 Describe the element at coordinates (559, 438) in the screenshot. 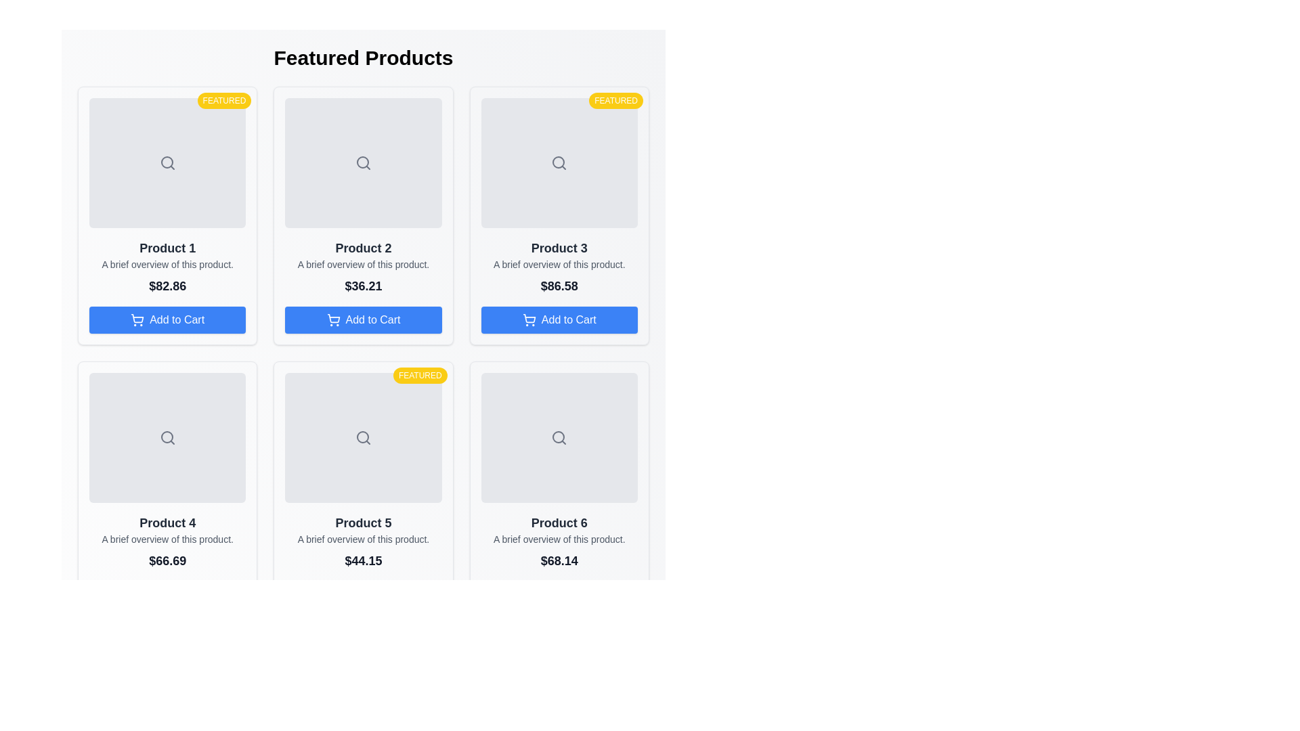

I see `the search or zoom icon located in the center of the gray square area of the sixth product card in the second row` at that location.